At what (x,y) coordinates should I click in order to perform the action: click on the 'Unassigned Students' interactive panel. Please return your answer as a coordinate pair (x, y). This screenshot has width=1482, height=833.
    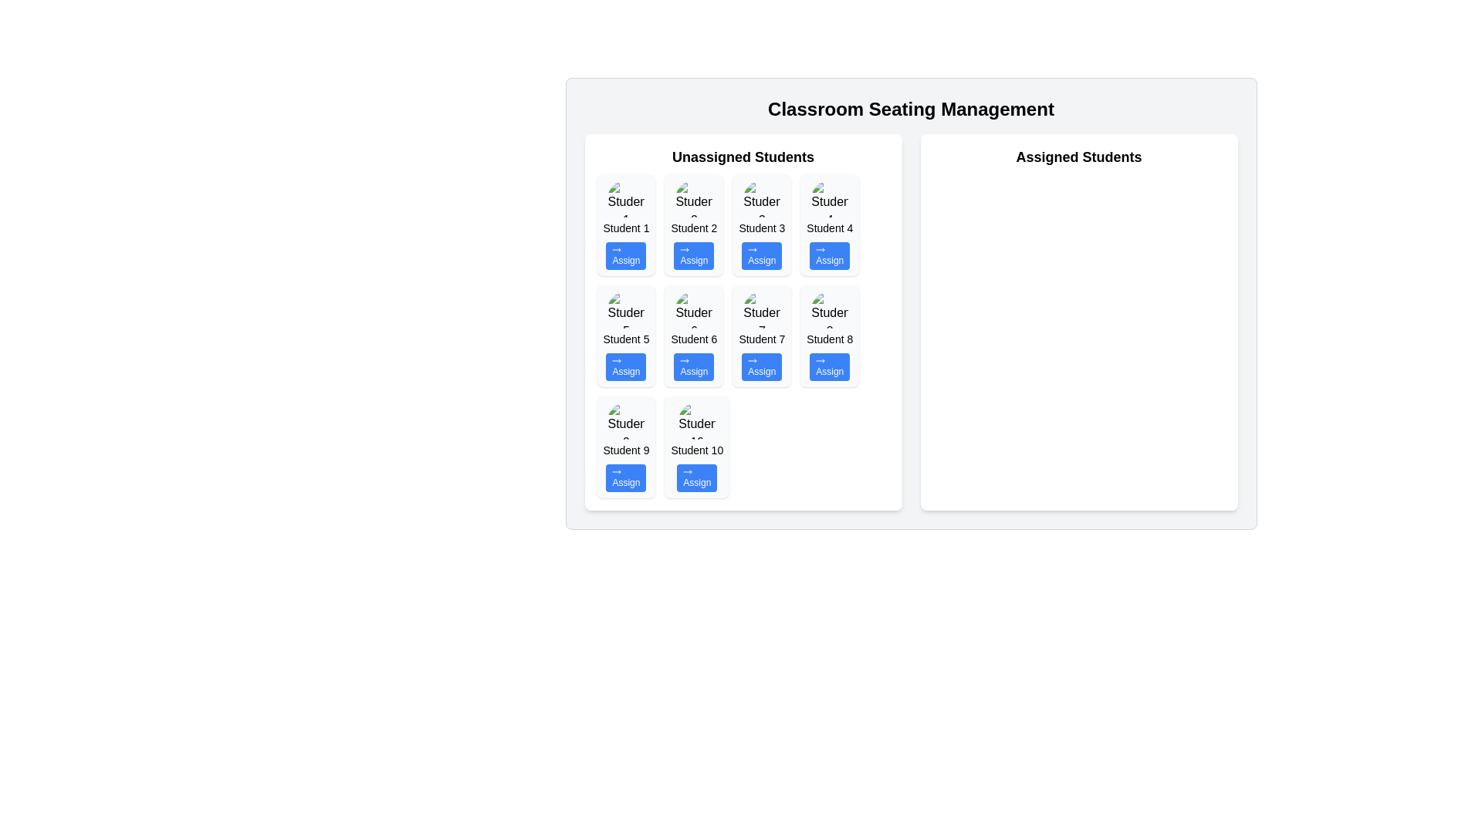
    Looking at the image, I should click on (743, 321).